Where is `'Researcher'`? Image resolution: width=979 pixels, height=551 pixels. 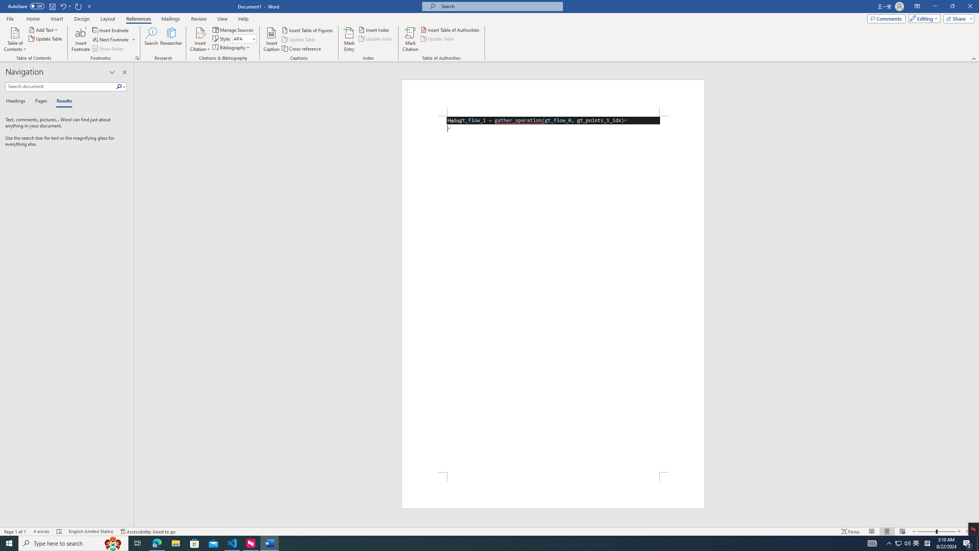
'Researcher' is located at coordinates (171, 39).